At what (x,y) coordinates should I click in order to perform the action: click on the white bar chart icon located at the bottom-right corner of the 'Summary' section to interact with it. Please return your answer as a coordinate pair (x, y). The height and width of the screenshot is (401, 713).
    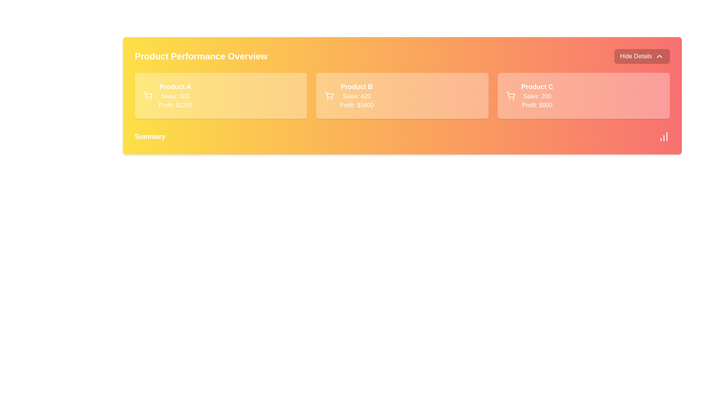
    Looking at the image, I should click on (664, 136).